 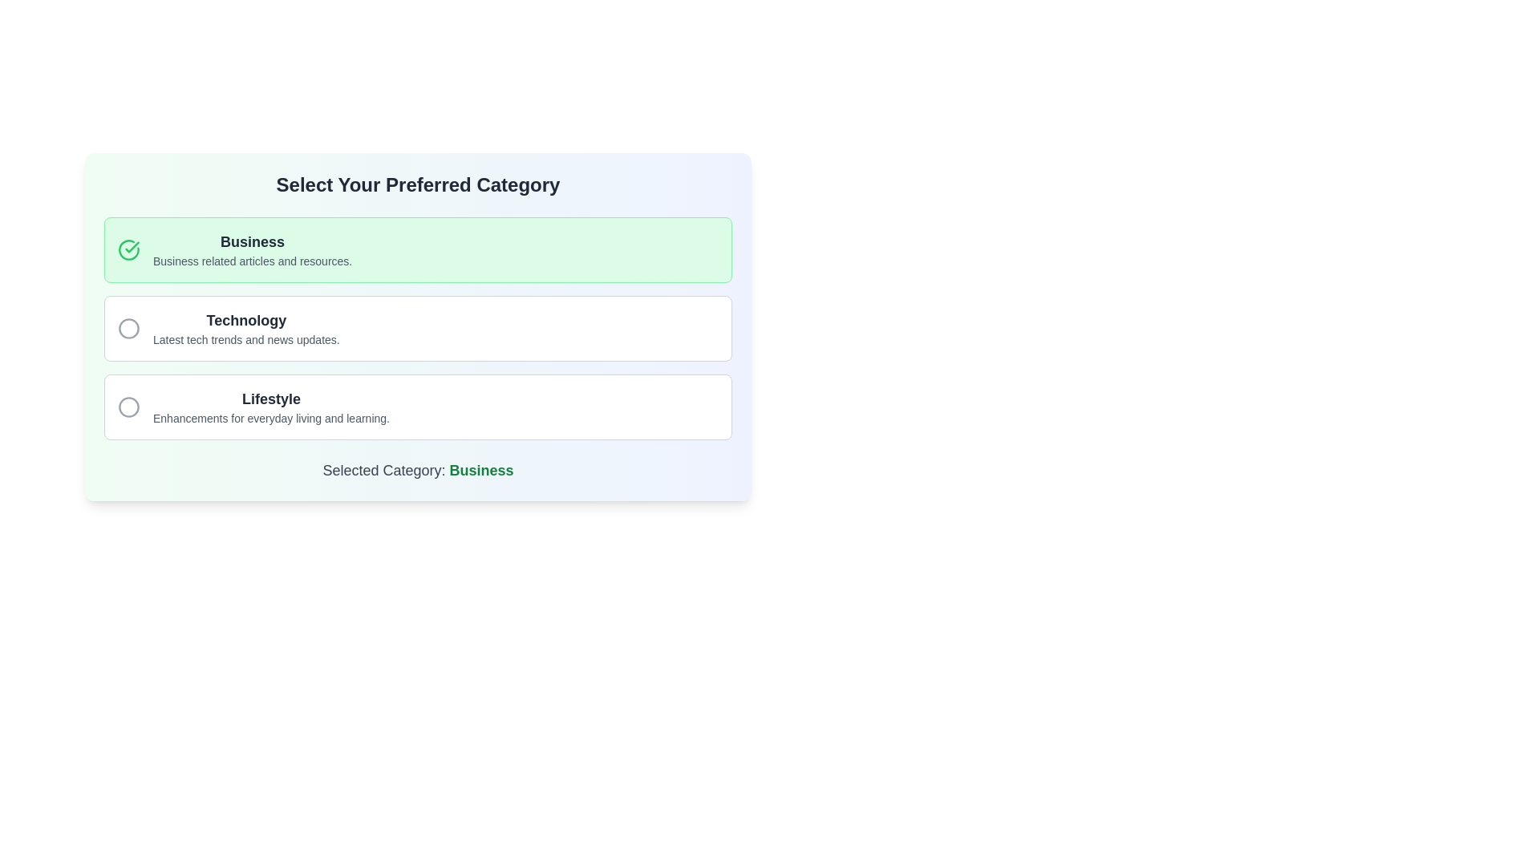 I want to click on the static text heading that says 'Select Your Preferred Category', which is a bold title styled prominently in a large font size, located at the top-center of the category selection section, so click(x=418, y=184).